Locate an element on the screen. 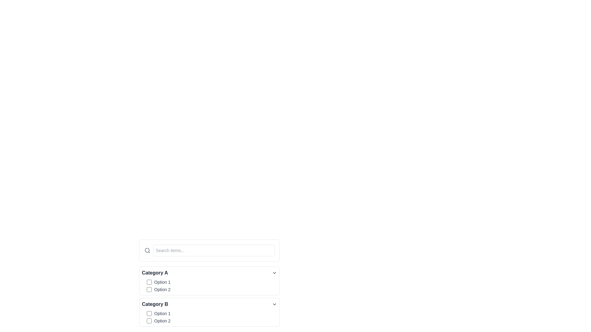  the second checkbox option located under the 'Category B' section is located at coordinates (212, 321).